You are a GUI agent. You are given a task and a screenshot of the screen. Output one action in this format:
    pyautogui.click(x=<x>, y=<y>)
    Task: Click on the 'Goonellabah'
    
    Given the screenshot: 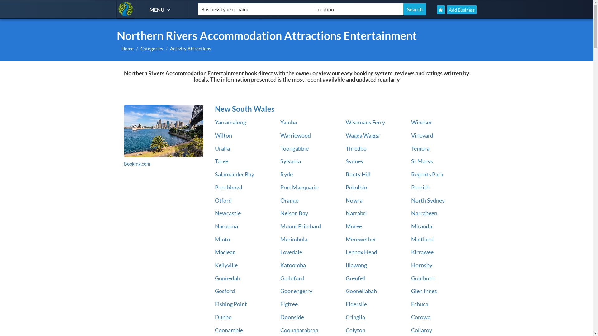 What is the action you would take?
    pyautogui.click(x=361, y=291)
    